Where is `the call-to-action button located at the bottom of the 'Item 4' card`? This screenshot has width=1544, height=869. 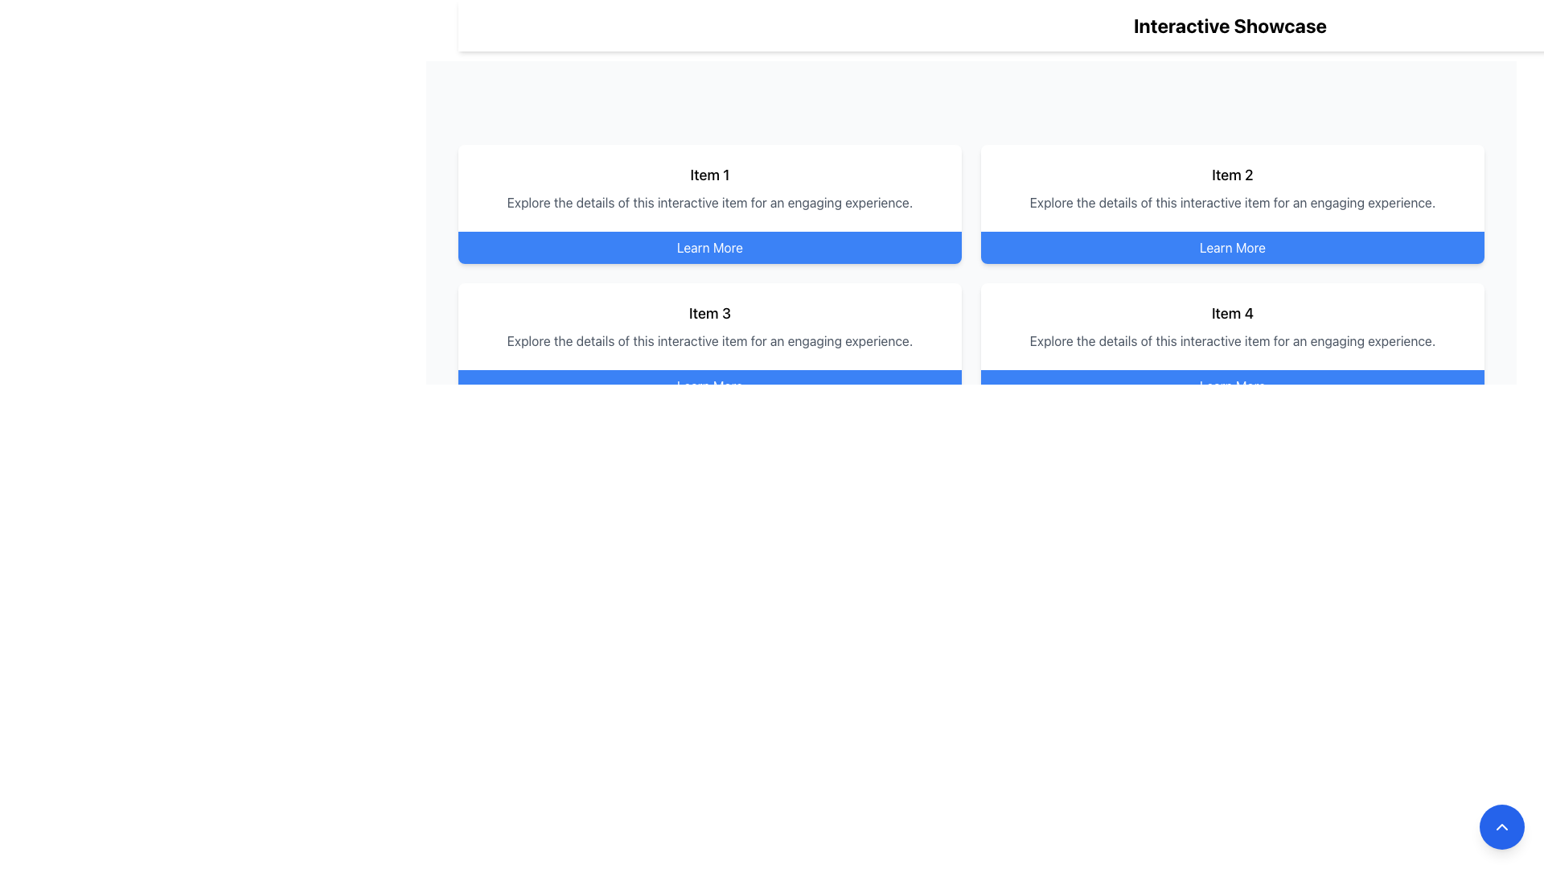
the call-to-action button located at the bottom of the 'Item 4' card is located at coordinates (1231, 385).